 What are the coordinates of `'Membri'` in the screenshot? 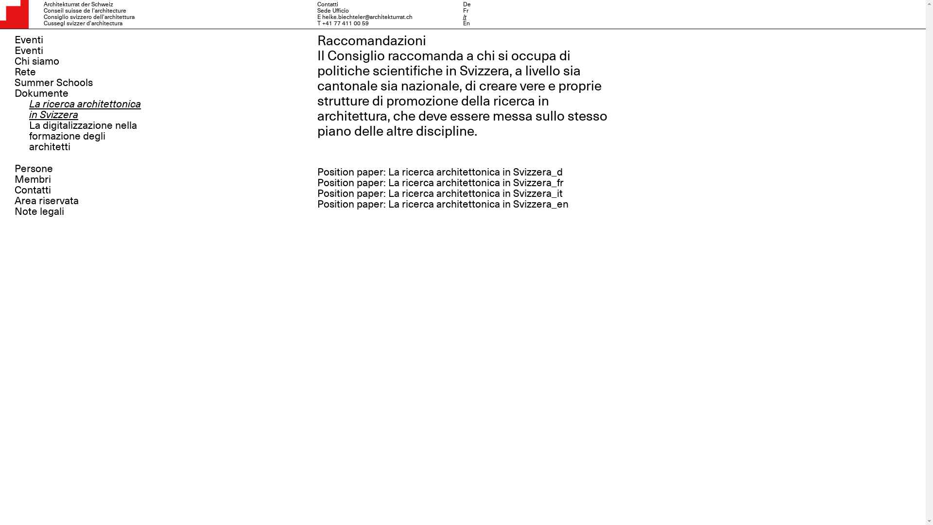 It's located at (33, 179).